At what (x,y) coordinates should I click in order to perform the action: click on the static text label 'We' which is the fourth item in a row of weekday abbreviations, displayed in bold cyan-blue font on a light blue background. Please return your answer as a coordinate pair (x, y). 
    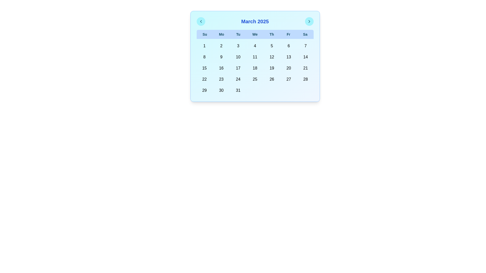
    Looking at the image, I should click on (255, 34).